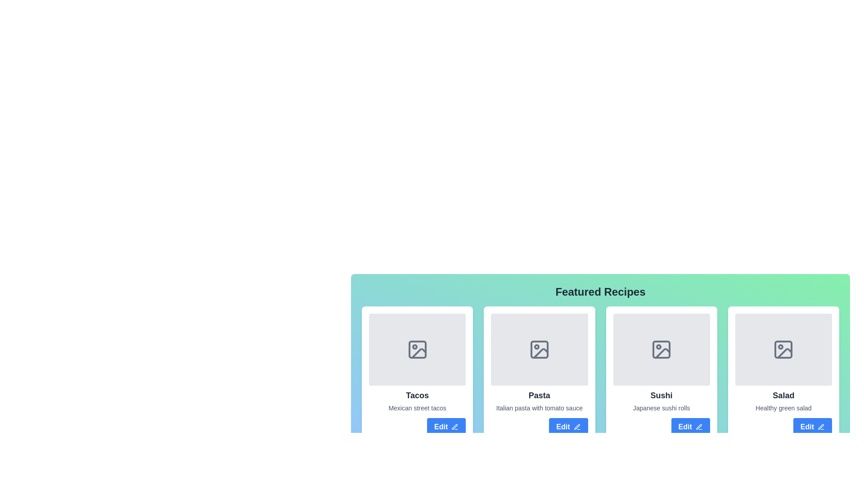 The height and width of the screenshot is (486, 864). Describe the element at coordinates (661, 375) in the screenshot. I see `the card containing the title 'Sushi' and description 'Japanese sushi rolls', which is the third card in a 4-column grid layout` at that location.